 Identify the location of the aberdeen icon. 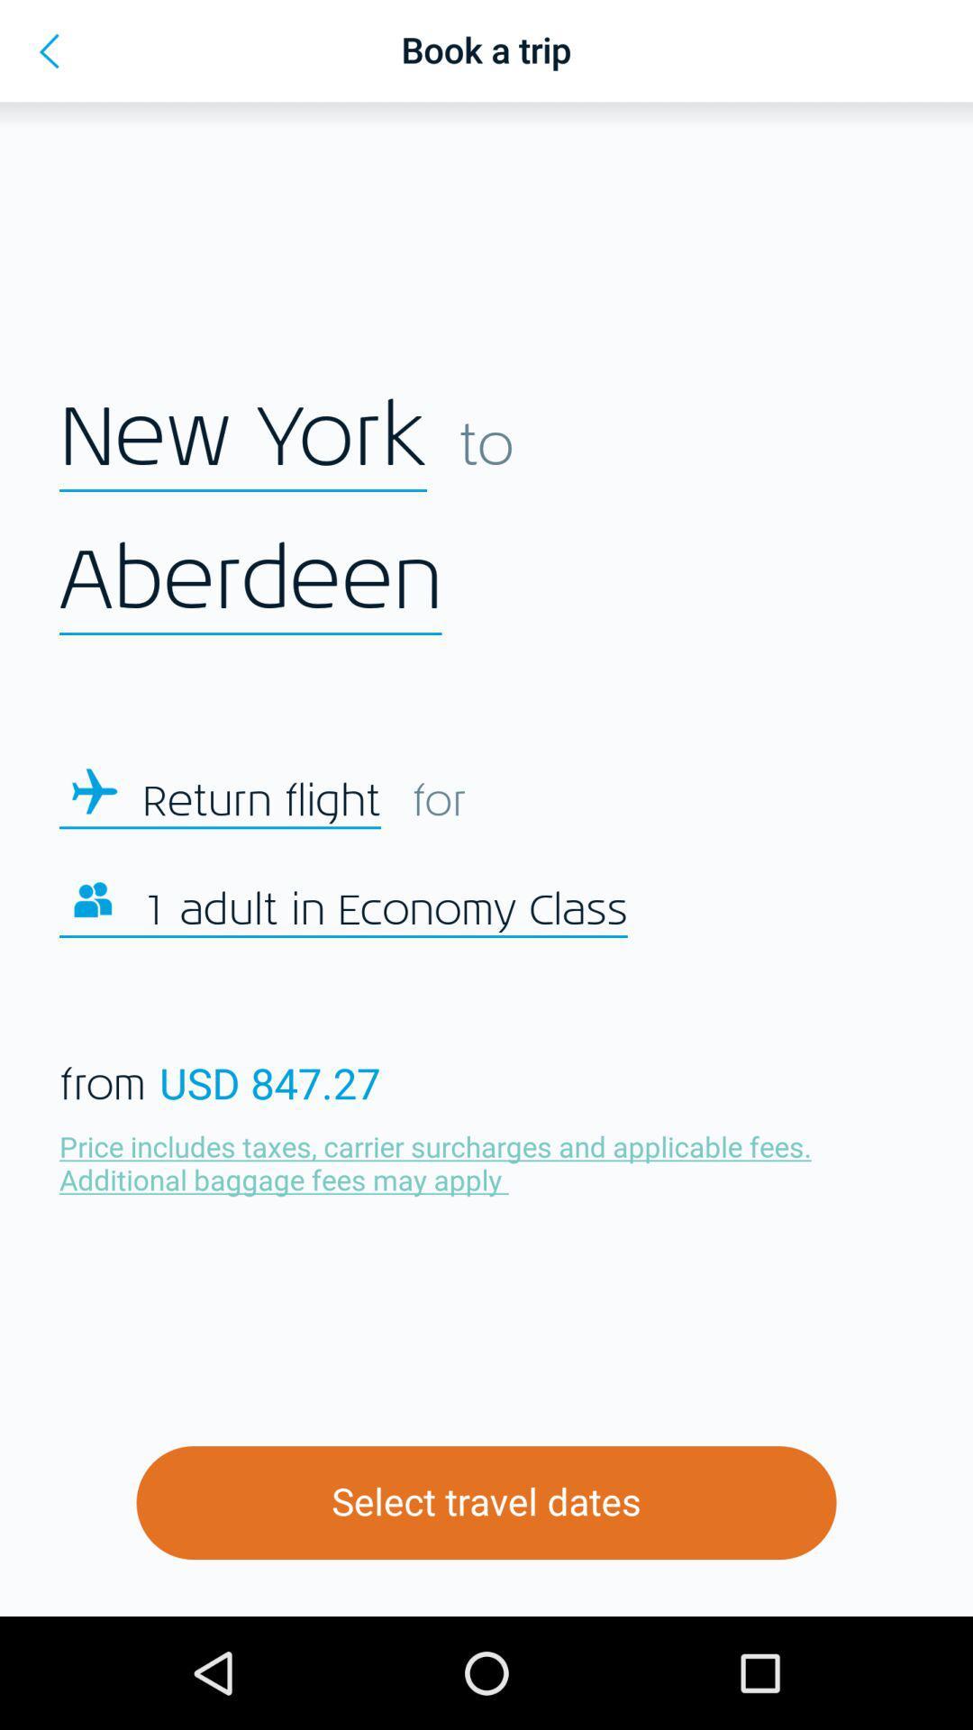
(250, 581).